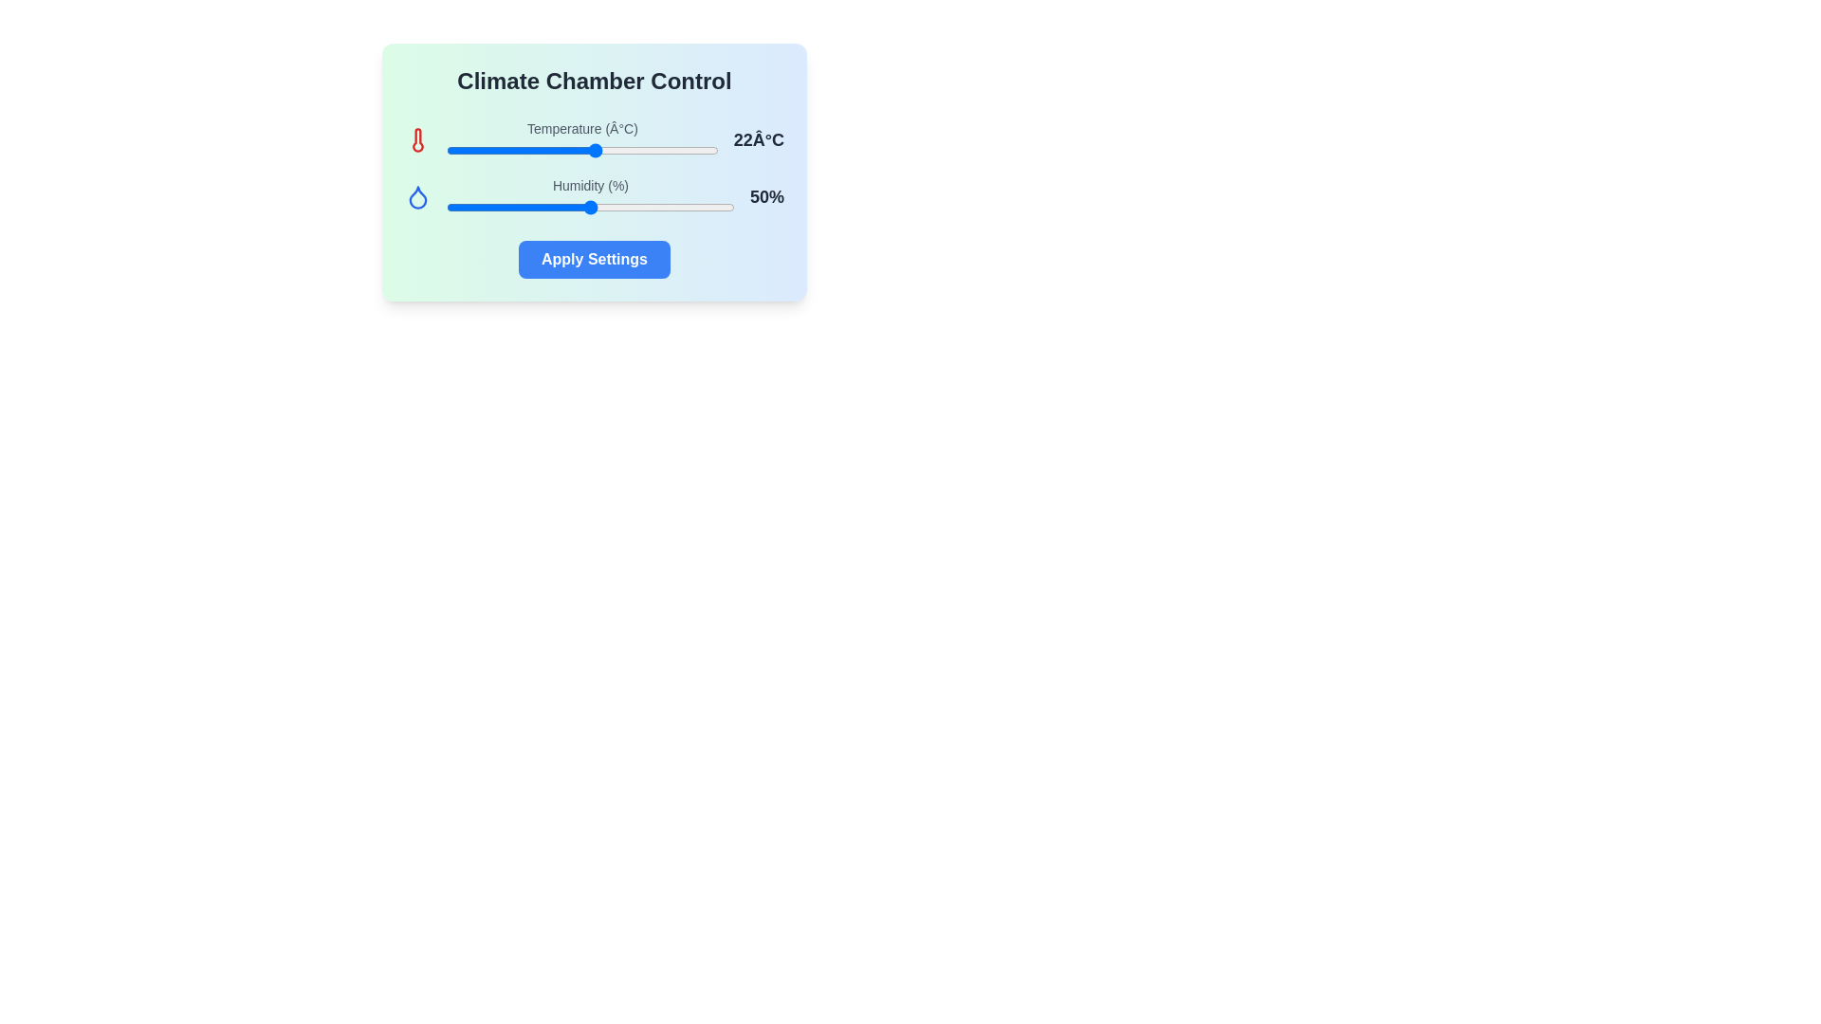  Describe the element at coordinates (460, 149) in the screenshot. I see `the temperature slider to 2 degrees Celsius` at that location.